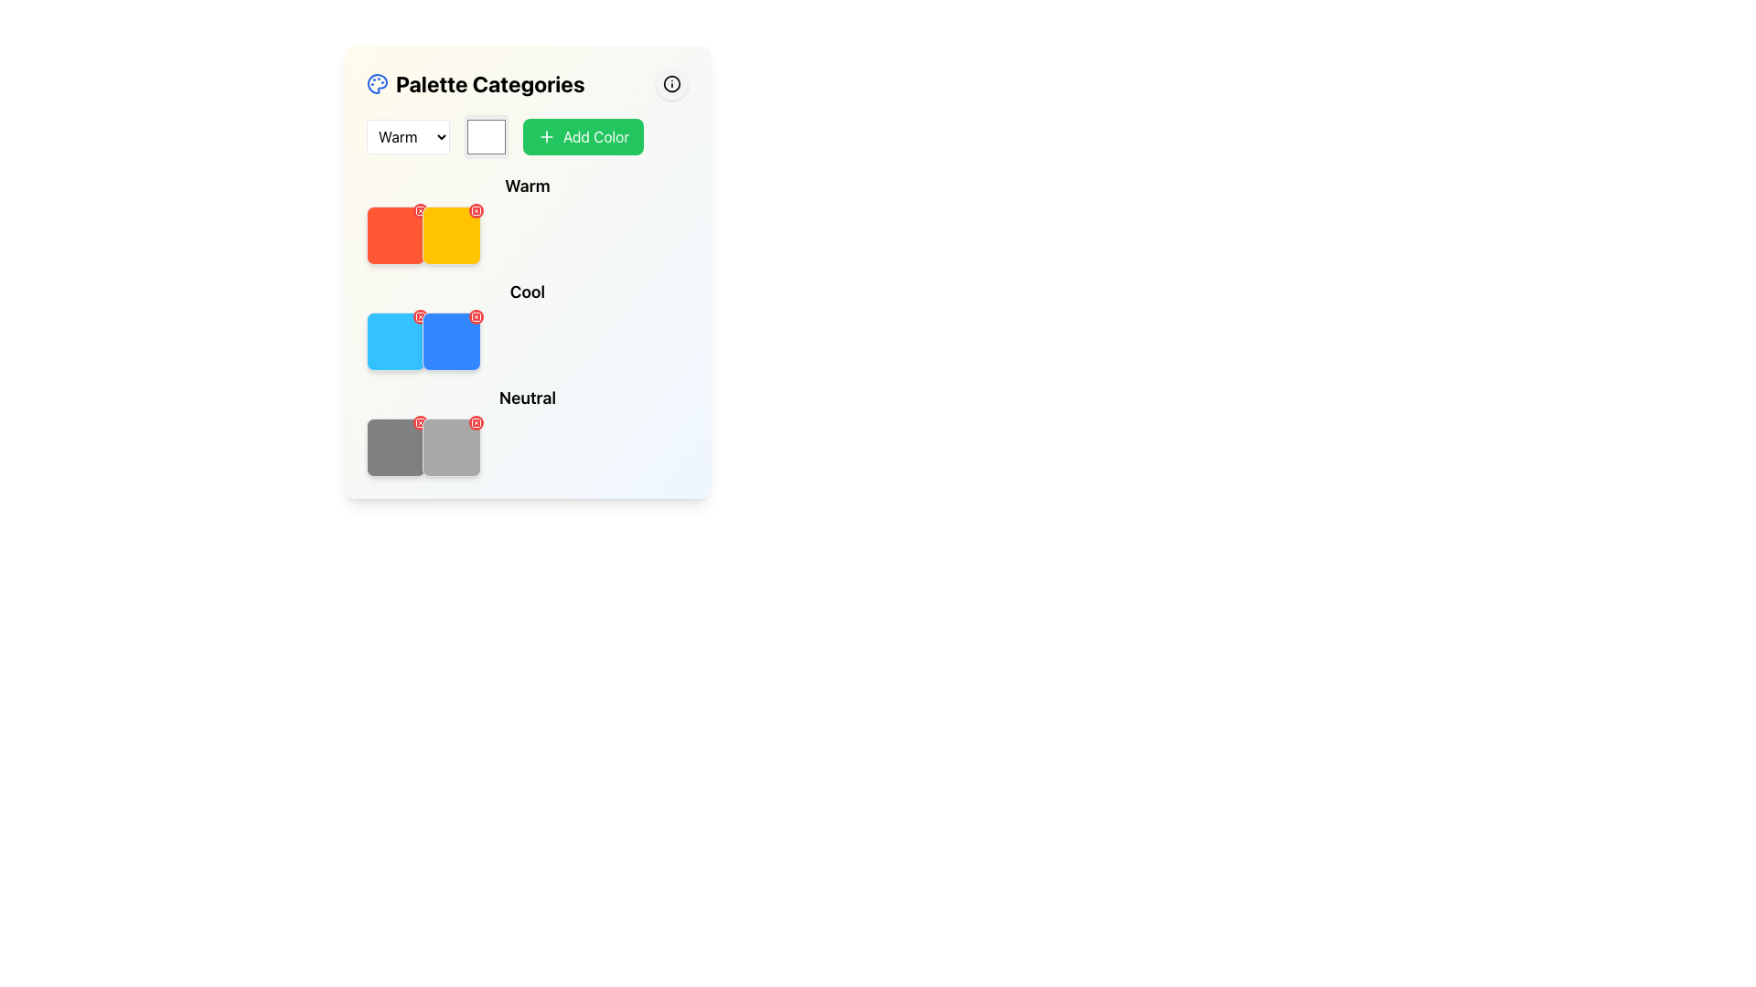 This screenshot has width=1756, height=987. I want to click on the close/delete button icon located in the top-right corner of the 'Warm' category section, which visually indicates an interactive action to remove or dismiss the associated color block, so click(476, 210).